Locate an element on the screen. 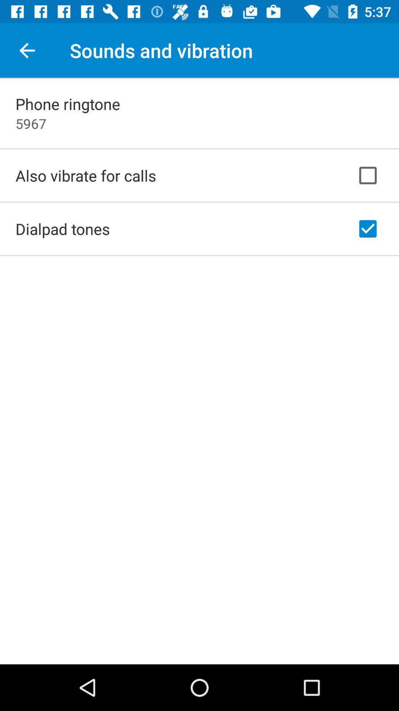 This screenshot has height=711, width=399. icon below also vibrate for app is located at coordinates (62, 228).